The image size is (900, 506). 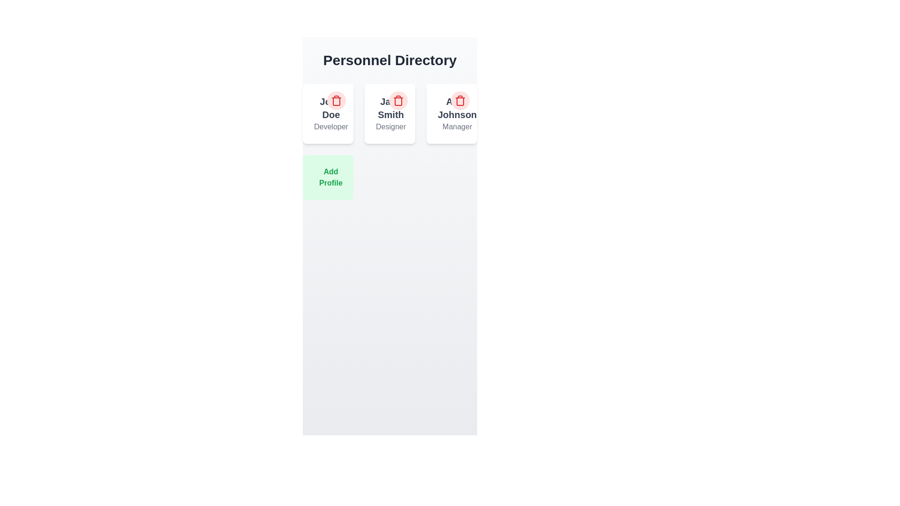 What do you see at coordinates (391, 108) in the screenshot?
I see `the Static text label displaying 'Jane Smith', which is located in the second card from the left in the Personnel Directory interface, above the subtitle 'Designer'` at bounding box center [391, 108].